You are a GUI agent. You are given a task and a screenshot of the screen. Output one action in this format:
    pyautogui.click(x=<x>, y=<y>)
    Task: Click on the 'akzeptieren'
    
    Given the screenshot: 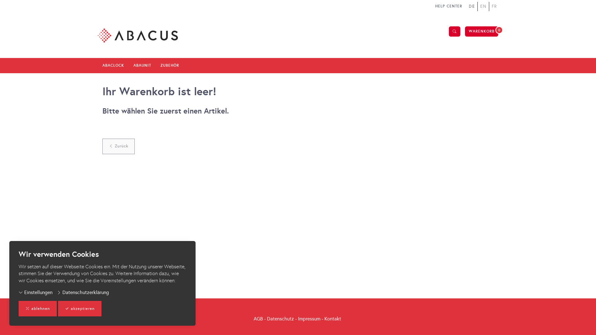 What is the action you would take?
    pyautogui.click(x=58, y=309)
    